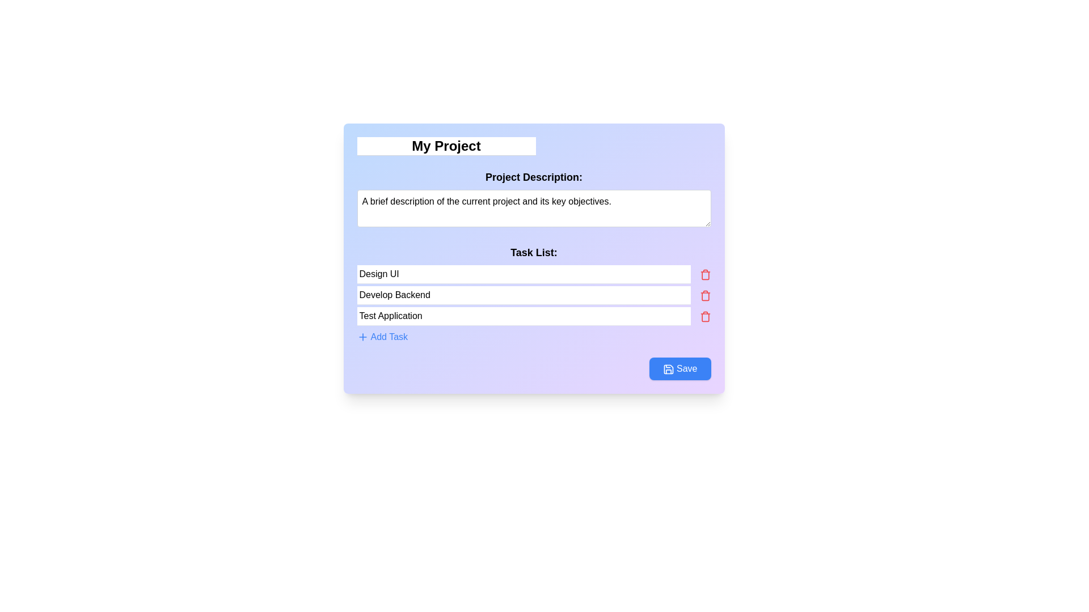 The image size is (1089, 612). What do you see at coordinates (533, 208) in the screenshot?
I see `the text input box for 'Project Description:' to focus on the input field` at bounding box center [533, 208].